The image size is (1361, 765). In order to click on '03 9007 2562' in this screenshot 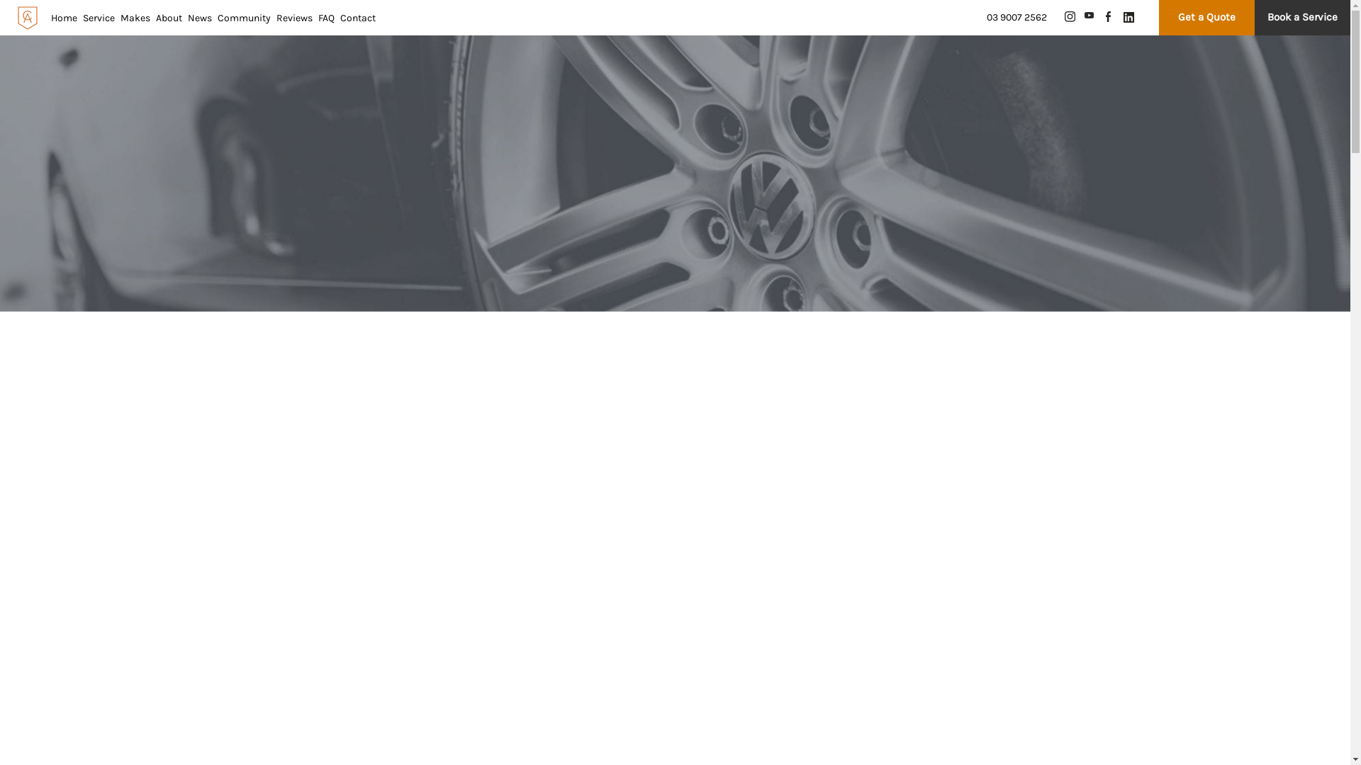, I will do `click(1016, 17)`.